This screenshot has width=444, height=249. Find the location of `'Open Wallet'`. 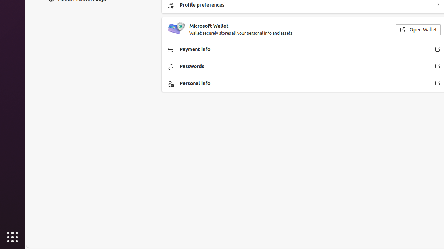

'Open Wallet' is located at coordinates (417, 29).